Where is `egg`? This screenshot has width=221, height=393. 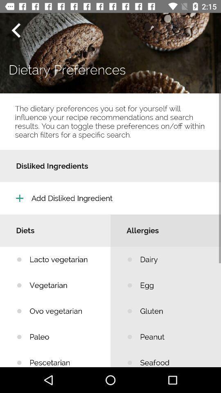
egg is located at coordinates (174, 285).